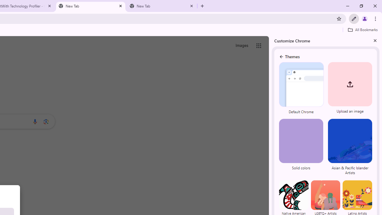  What do you see at coordinates (301, 148) in the screenshot?
I see `'Solid colors'` at bounding box center [301, 148].